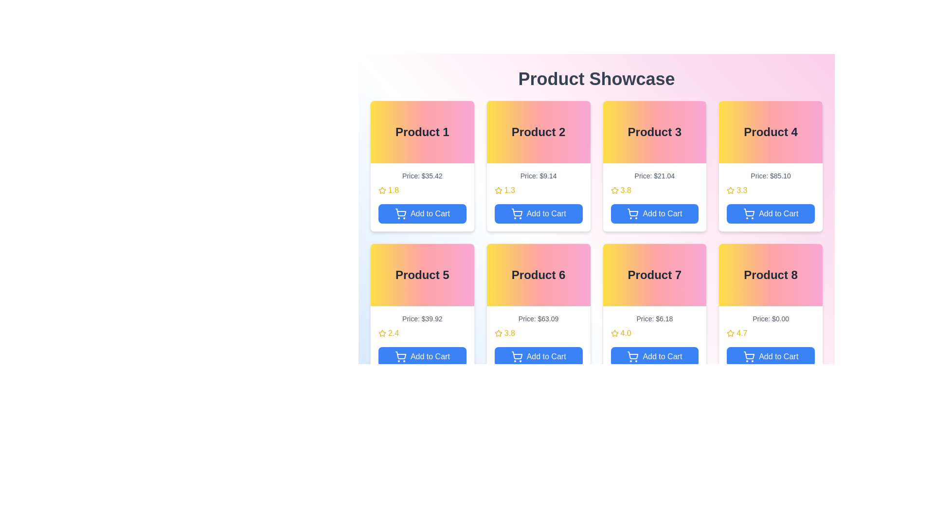  I want to click on the yellow star icon for visual rating located next to the numeric rating '2.4' in the 'Product 5' section of the product grid, so click(382, 333).